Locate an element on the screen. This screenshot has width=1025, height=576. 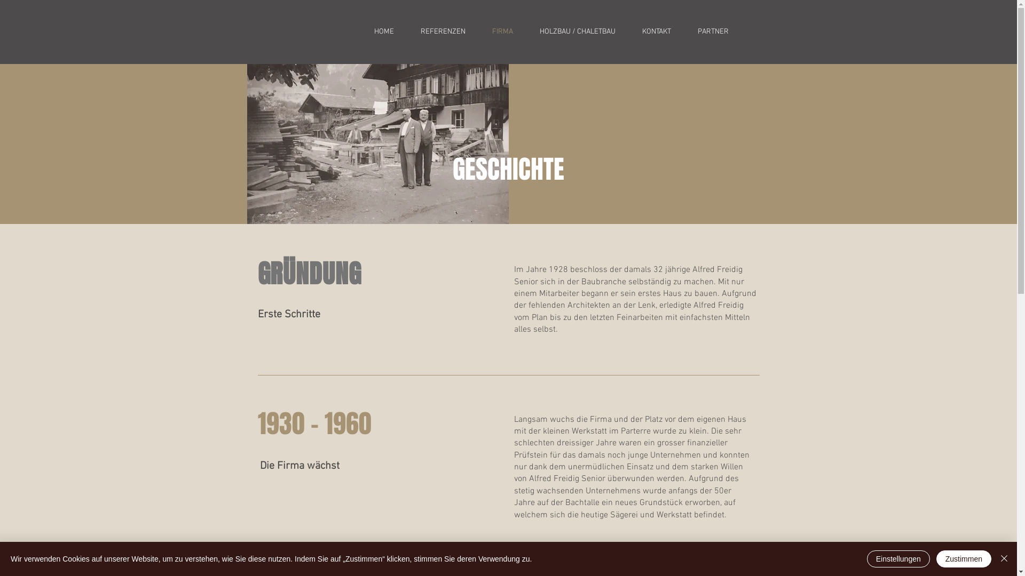
'Zustimmen' is located at coordinates (935, 558).